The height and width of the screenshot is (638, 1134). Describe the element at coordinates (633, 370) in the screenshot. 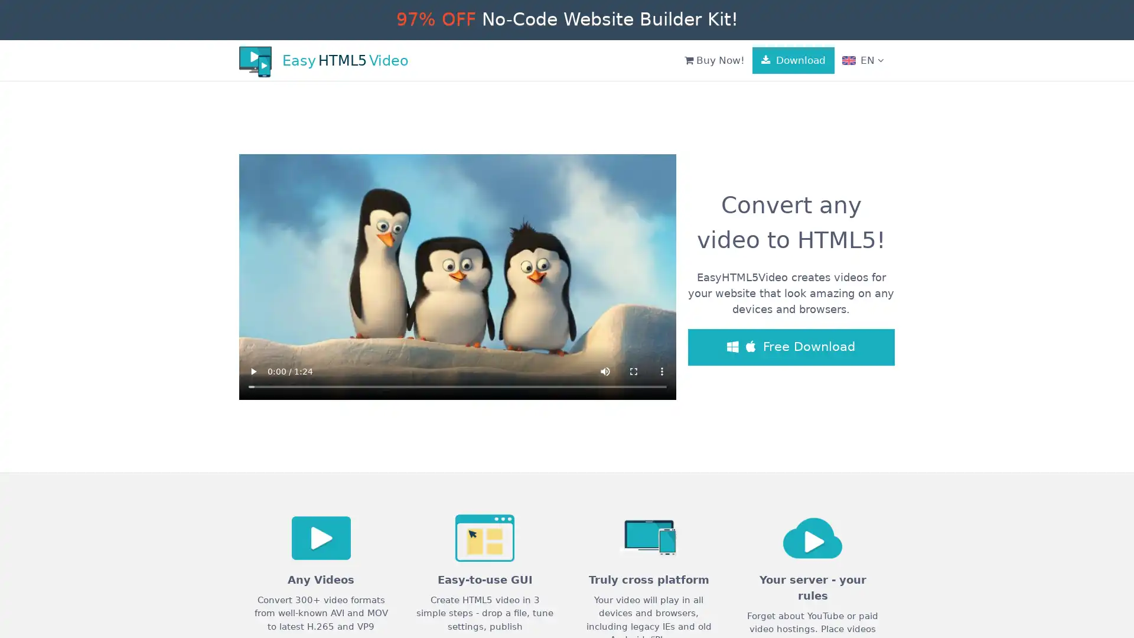

I see `enter full screen` at that location.